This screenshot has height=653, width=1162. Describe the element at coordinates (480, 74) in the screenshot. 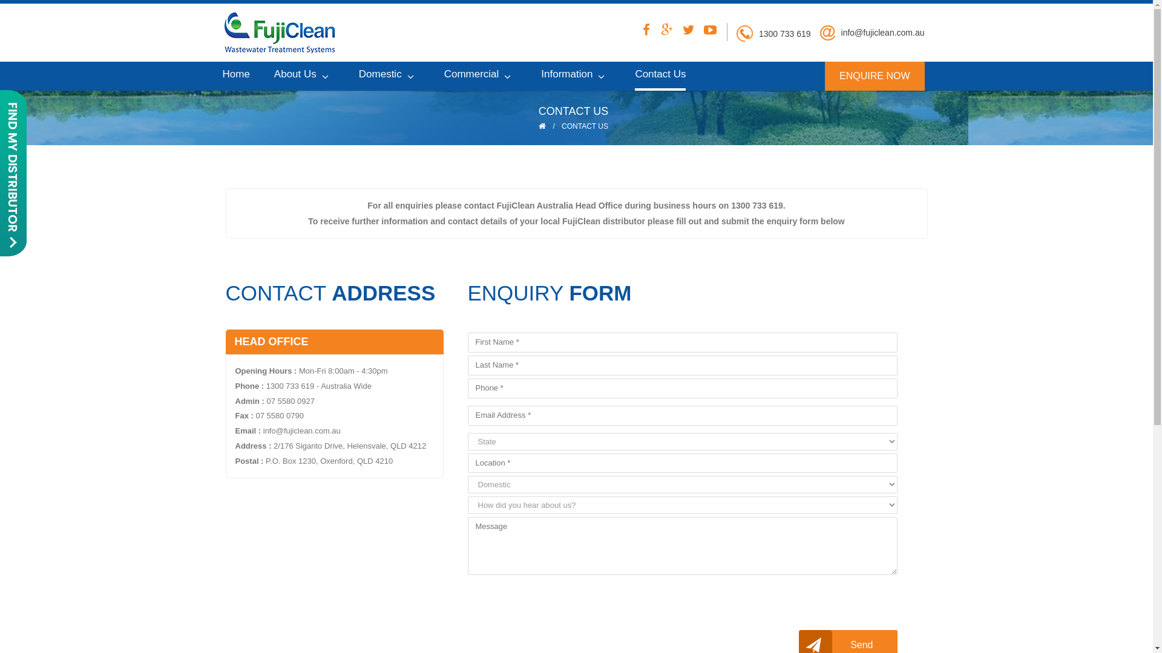

I see `'Commercial'` at that location.